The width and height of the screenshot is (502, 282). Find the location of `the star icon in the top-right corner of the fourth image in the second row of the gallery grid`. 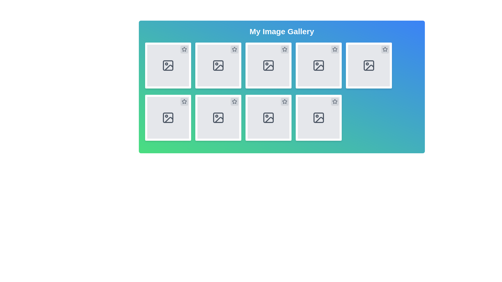

the star icon in the top-right corner of the fourth image in the second row of the gallery grid is located at coordinates (234, 102).